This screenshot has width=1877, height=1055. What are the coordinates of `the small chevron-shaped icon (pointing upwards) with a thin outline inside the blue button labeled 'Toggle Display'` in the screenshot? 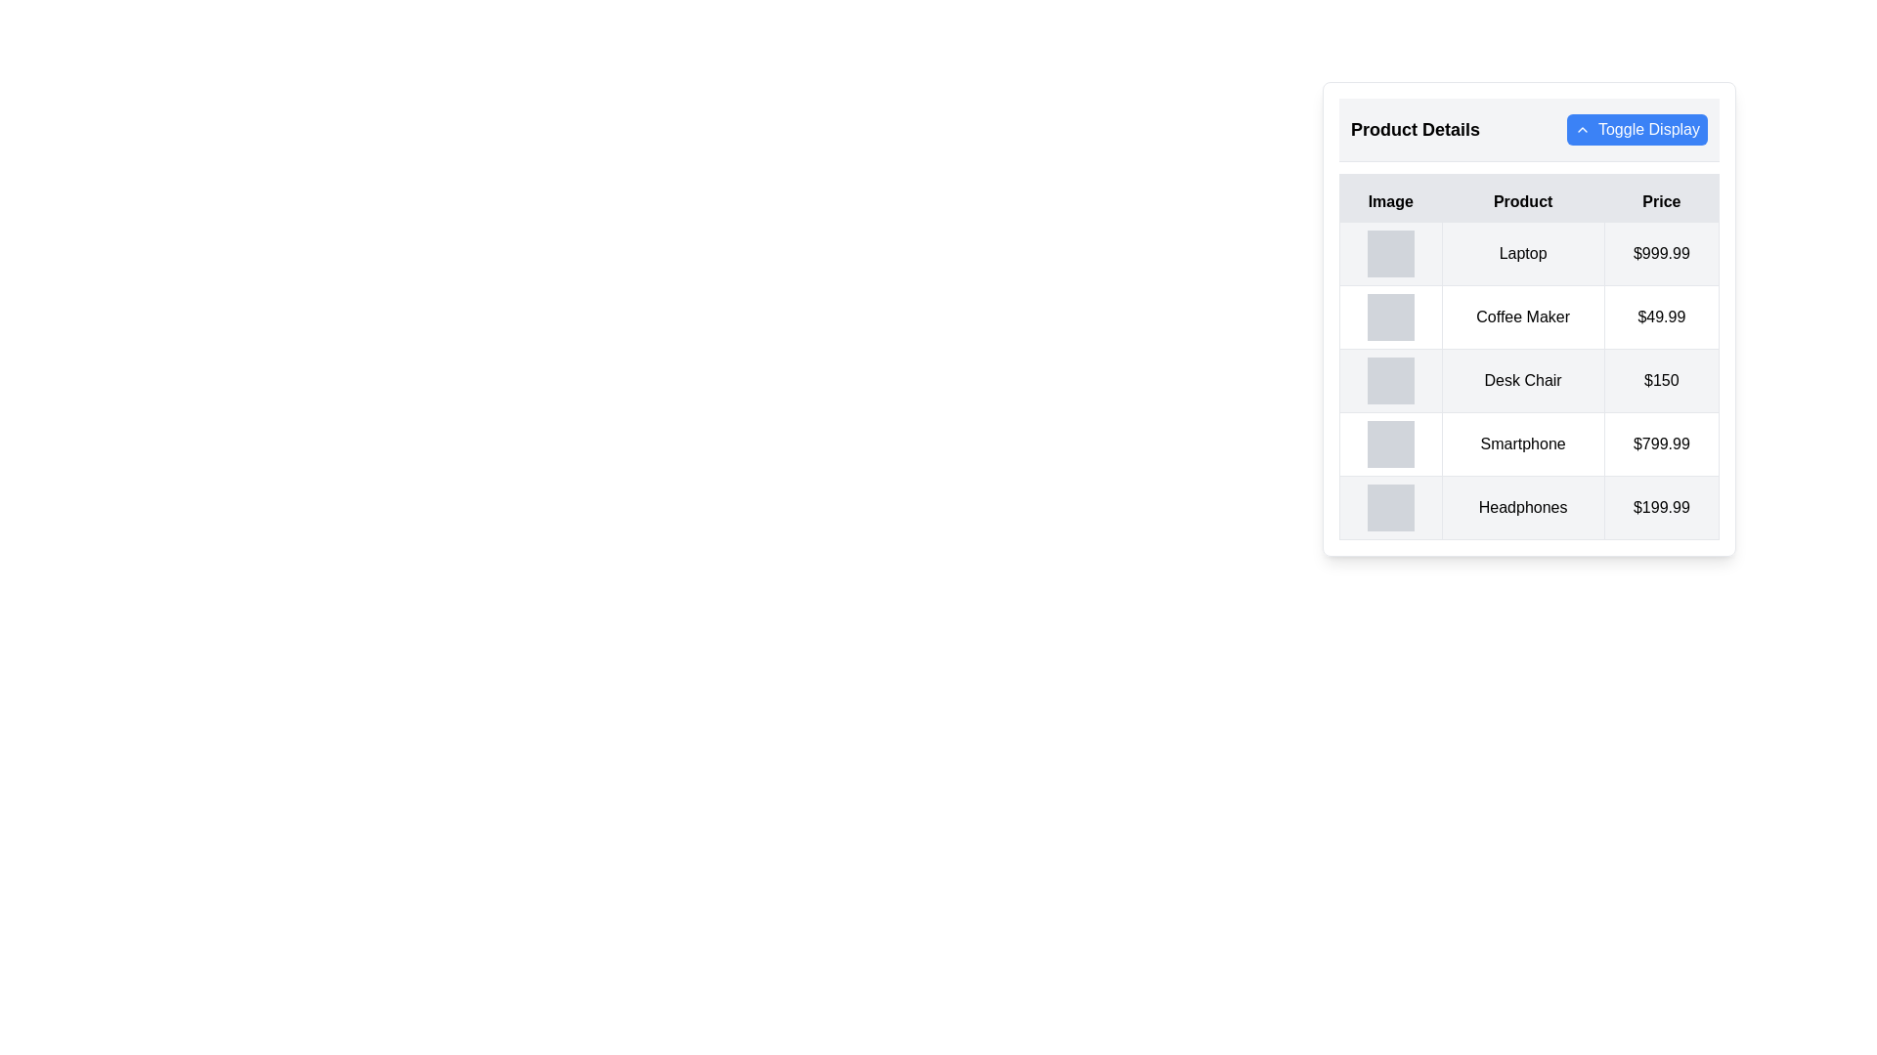 It's located at (1582, 129).